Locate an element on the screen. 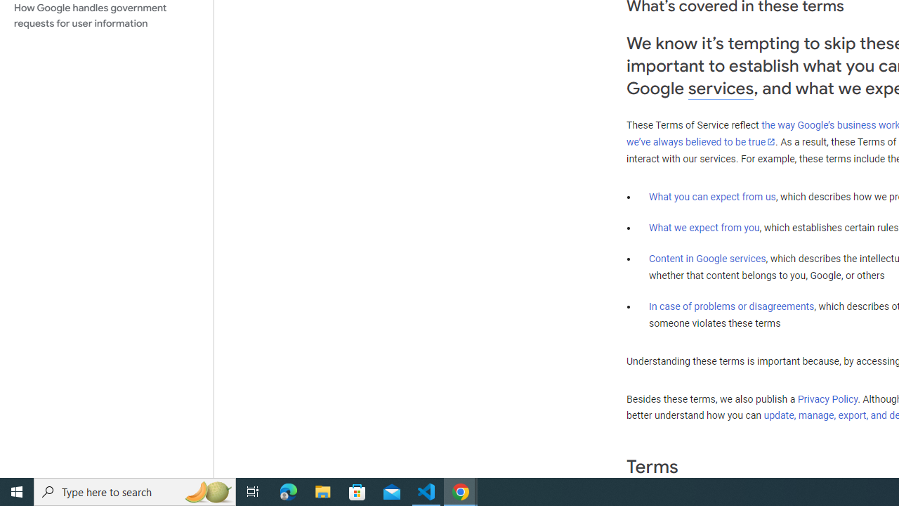  'What you can expect from us' is located at coordinates (712, 196).